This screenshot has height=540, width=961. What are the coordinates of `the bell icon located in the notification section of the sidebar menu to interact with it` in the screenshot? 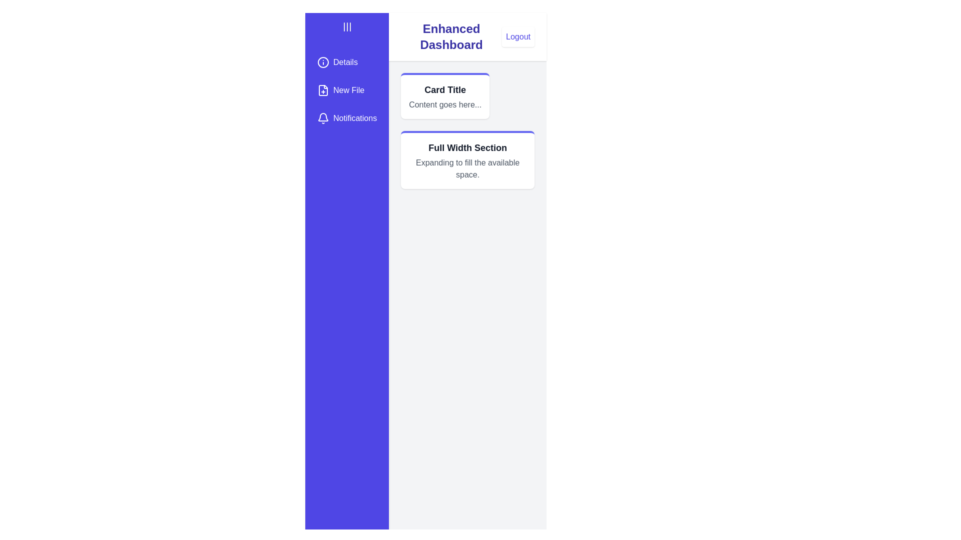 It's located at (323, 117).